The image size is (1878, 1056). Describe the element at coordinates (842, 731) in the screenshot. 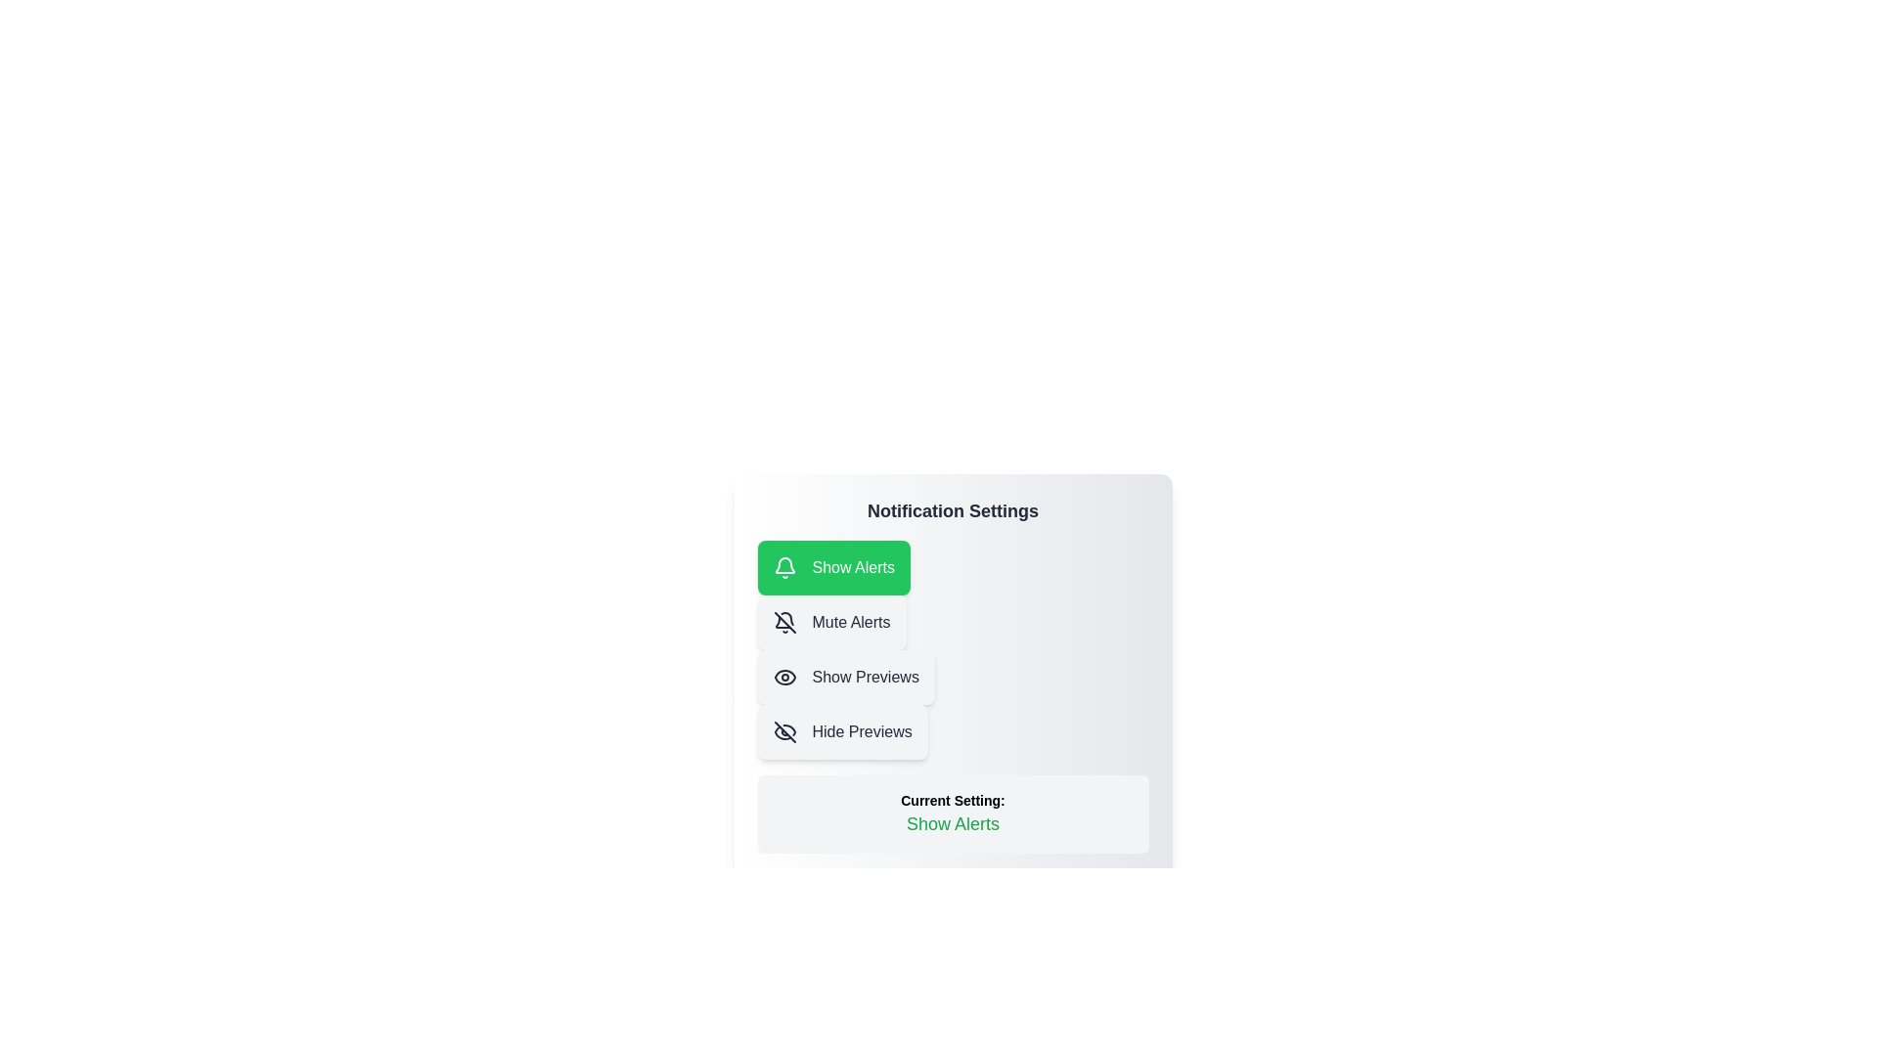

I see `the notification setting Hide Previews by clicking the corresponding button` at that location.